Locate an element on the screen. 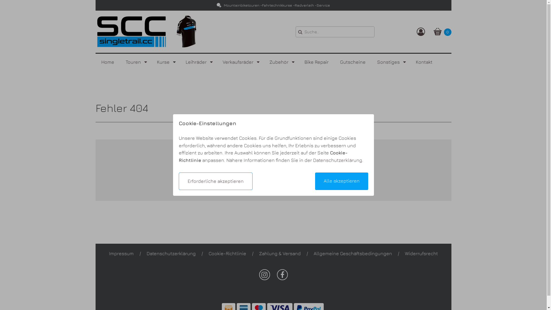  'Kurse' is located at coordinates (151, 62).